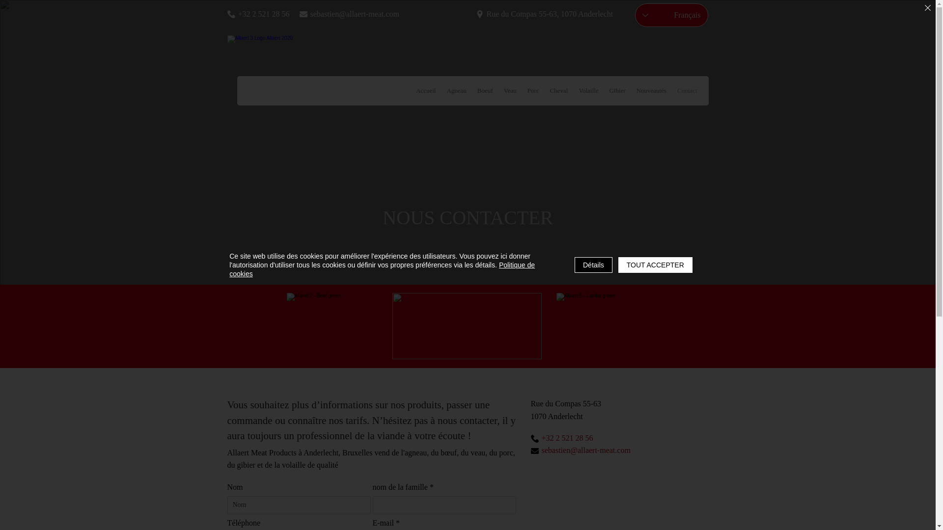 The height and width of the screenshot is (530, 943). I want to click on 'Veau', so click(510, 91).